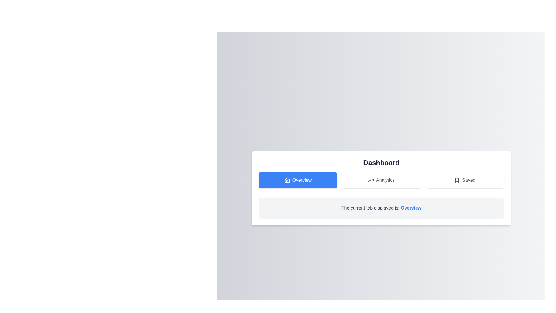 This screenshot has width=556, height=313. I want to click on the Navigation tab group, so click(381, 180).